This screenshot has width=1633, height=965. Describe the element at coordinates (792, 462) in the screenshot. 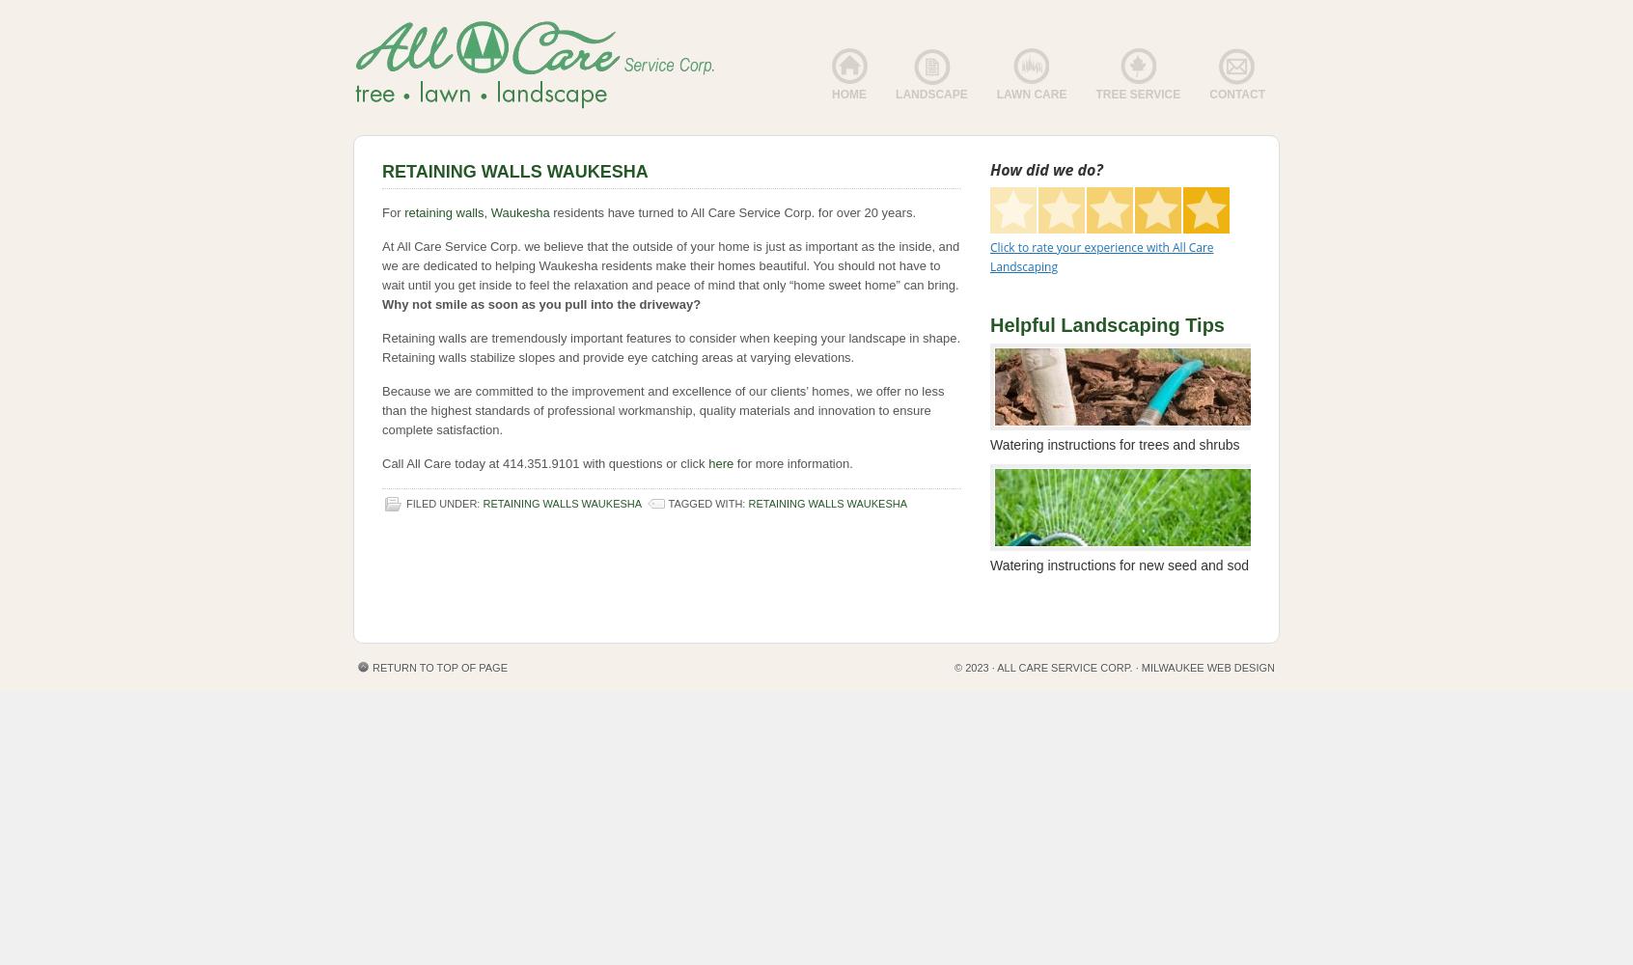

I see `'for more information.'` at that location.